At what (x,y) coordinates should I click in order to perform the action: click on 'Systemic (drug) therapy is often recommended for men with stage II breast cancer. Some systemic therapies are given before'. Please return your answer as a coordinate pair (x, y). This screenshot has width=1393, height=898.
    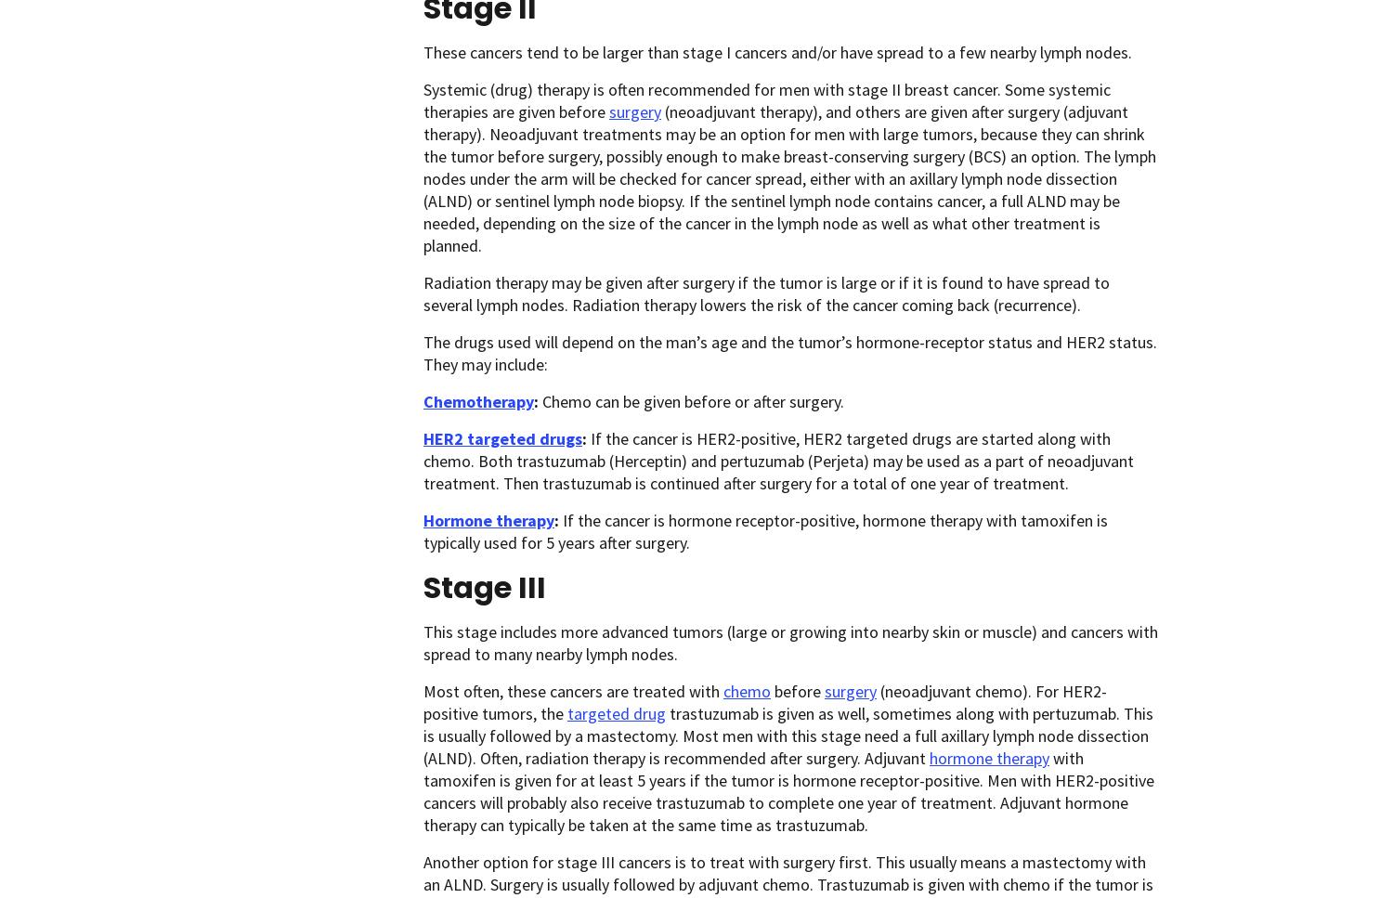
    Looking at the image, I should click on (766, 100).